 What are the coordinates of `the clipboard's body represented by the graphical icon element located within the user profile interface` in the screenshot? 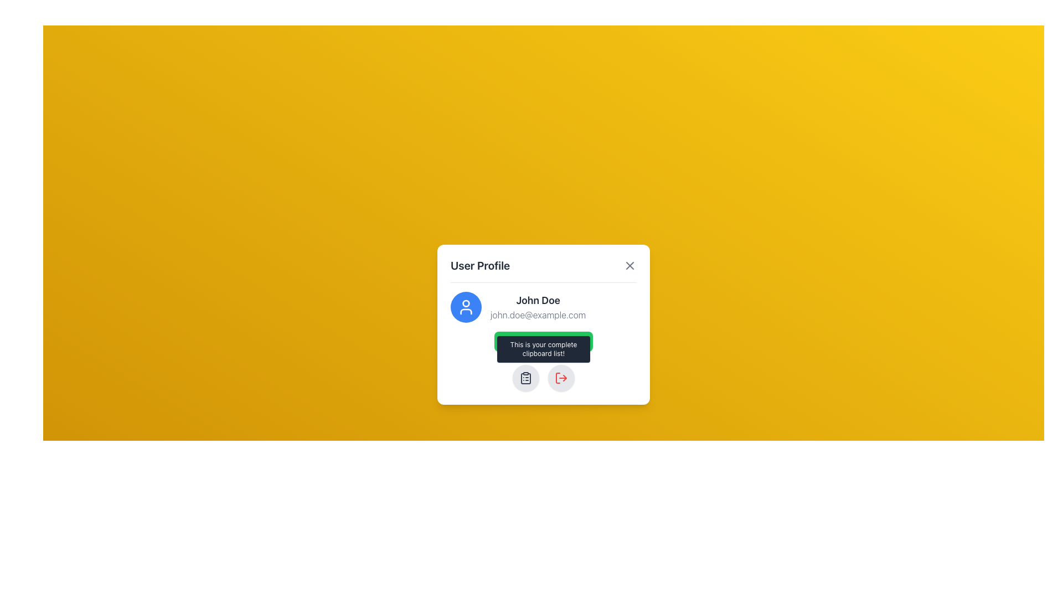 It's located at (525, 378).